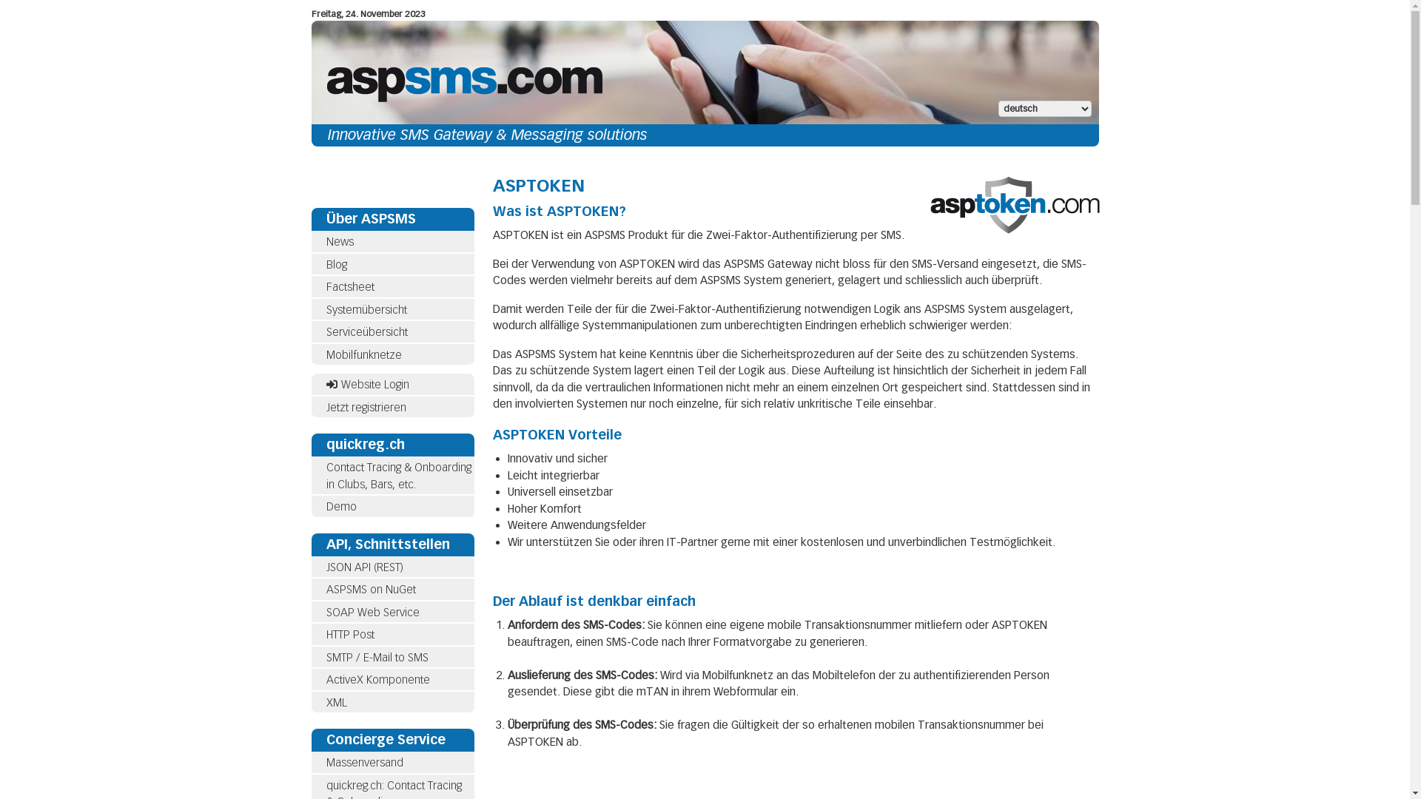  What do you see at coordinates (335, 701) in the screenshot?
I see `'XML'` at bounding box center [335, 701].